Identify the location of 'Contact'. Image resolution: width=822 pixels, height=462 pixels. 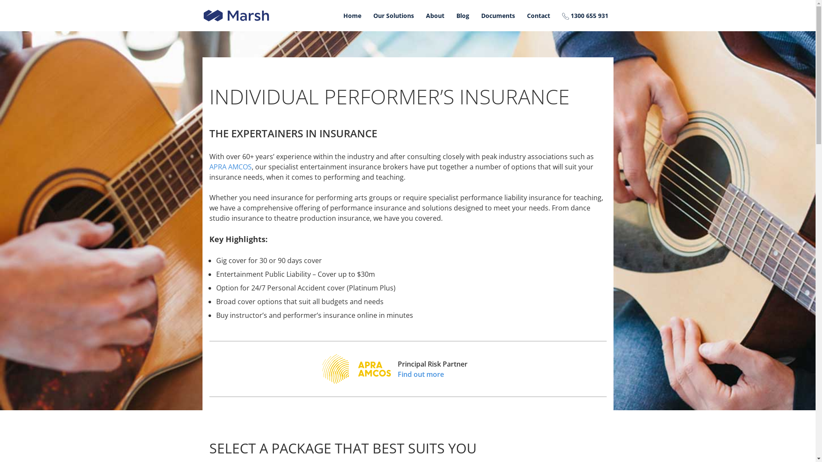
(538, 16).